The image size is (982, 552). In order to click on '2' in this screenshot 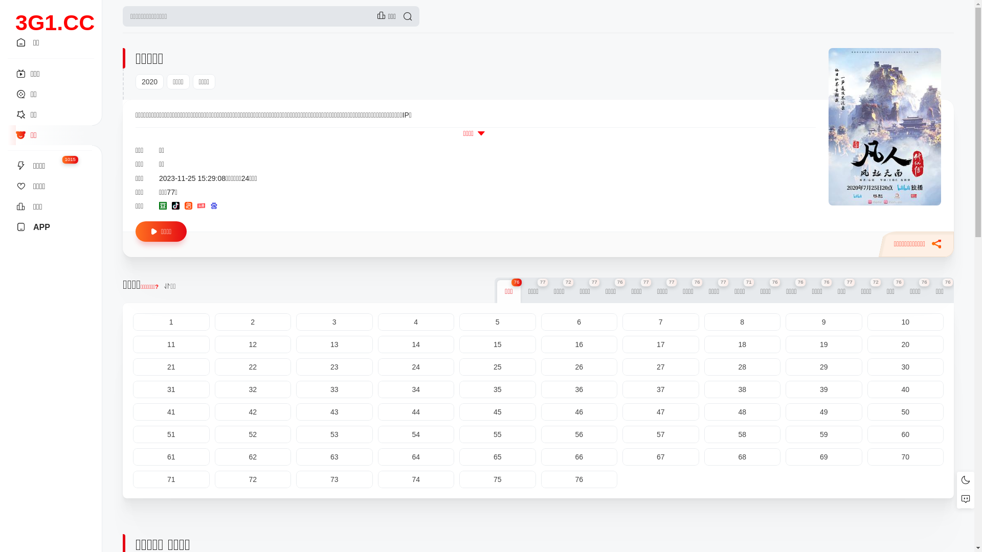, I will do `click(253, 321)`.